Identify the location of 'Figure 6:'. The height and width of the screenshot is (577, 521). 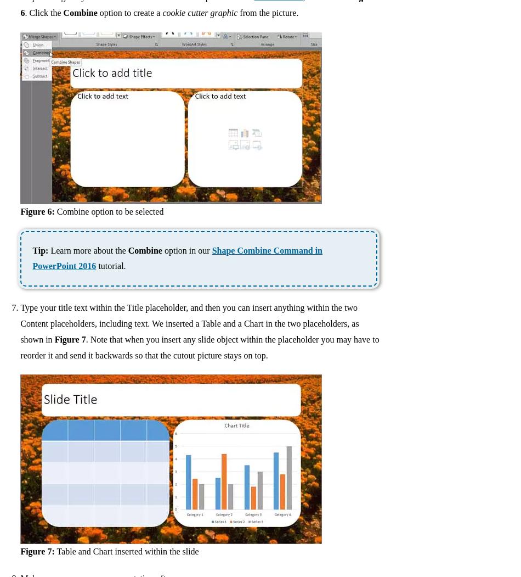
(37, 210).